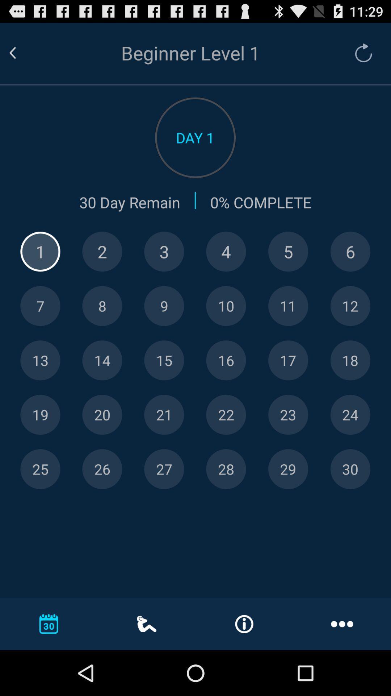  I want to click on keyboard, so click(350, 360).